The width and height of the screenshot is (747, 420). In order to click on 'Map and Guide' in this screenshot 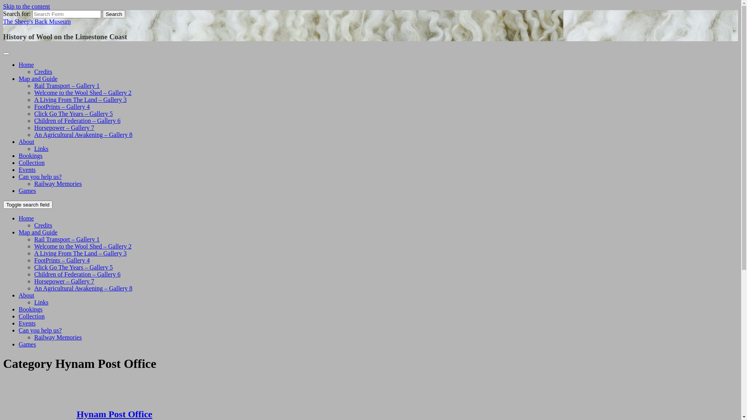, I will do `click(37, 232)`.